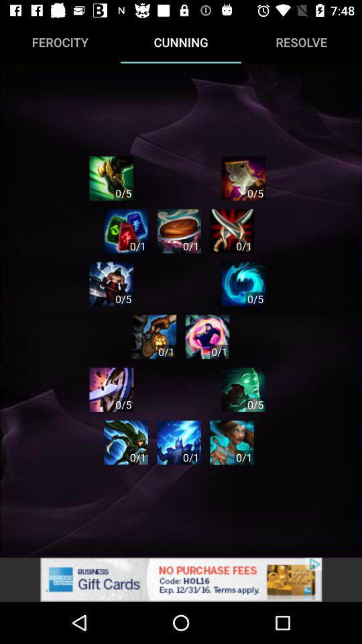  I want to click on click the cunning characters, so click(111, 284).